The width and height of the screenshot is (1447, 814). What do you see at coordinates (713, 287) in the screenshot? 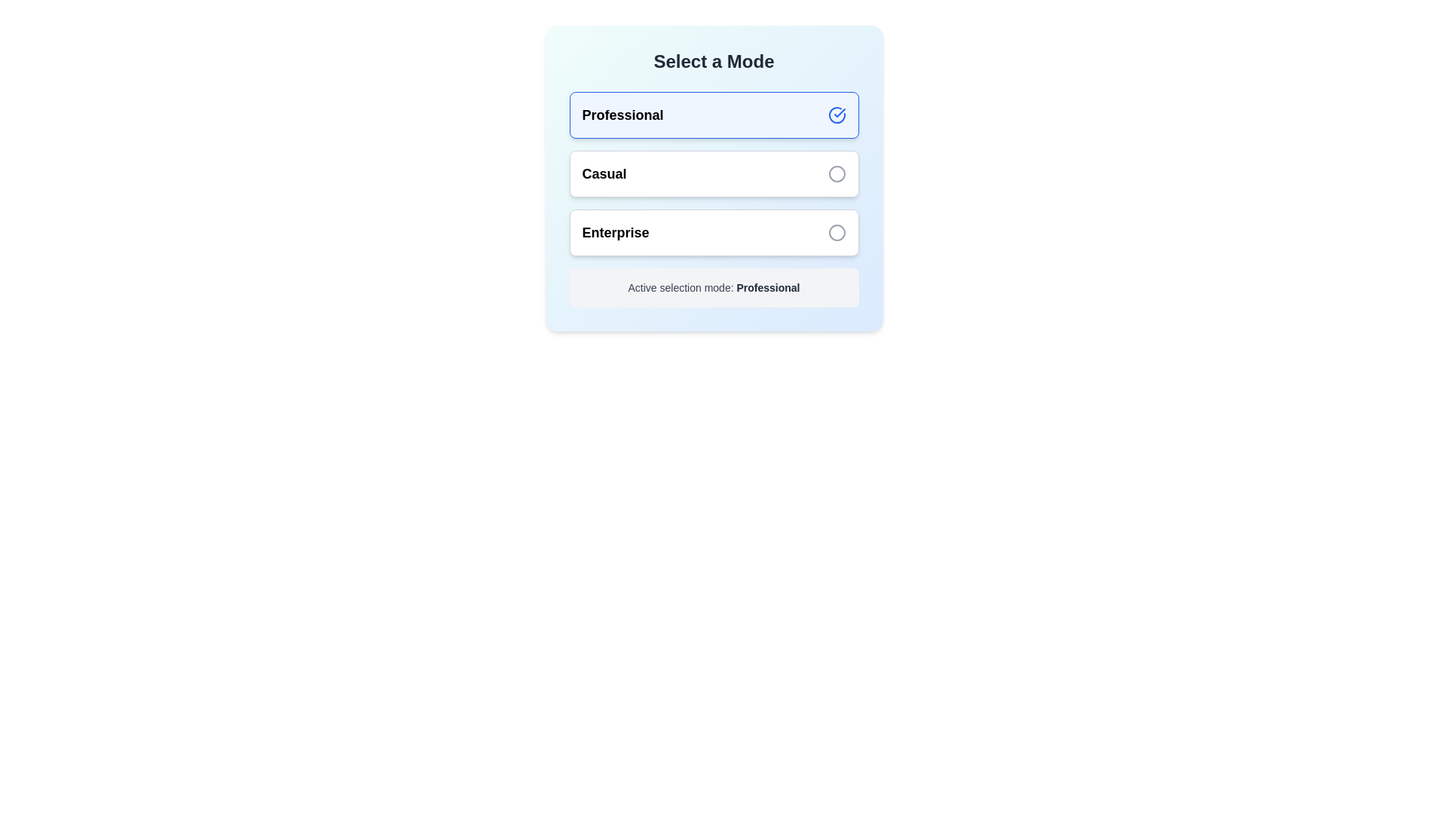
I see `the informational text label that indicates the currently active selection mode, located centrally below the selection options 'Professional', 'Casual', and 'Enterprise'` at bounding box center [713, 287].